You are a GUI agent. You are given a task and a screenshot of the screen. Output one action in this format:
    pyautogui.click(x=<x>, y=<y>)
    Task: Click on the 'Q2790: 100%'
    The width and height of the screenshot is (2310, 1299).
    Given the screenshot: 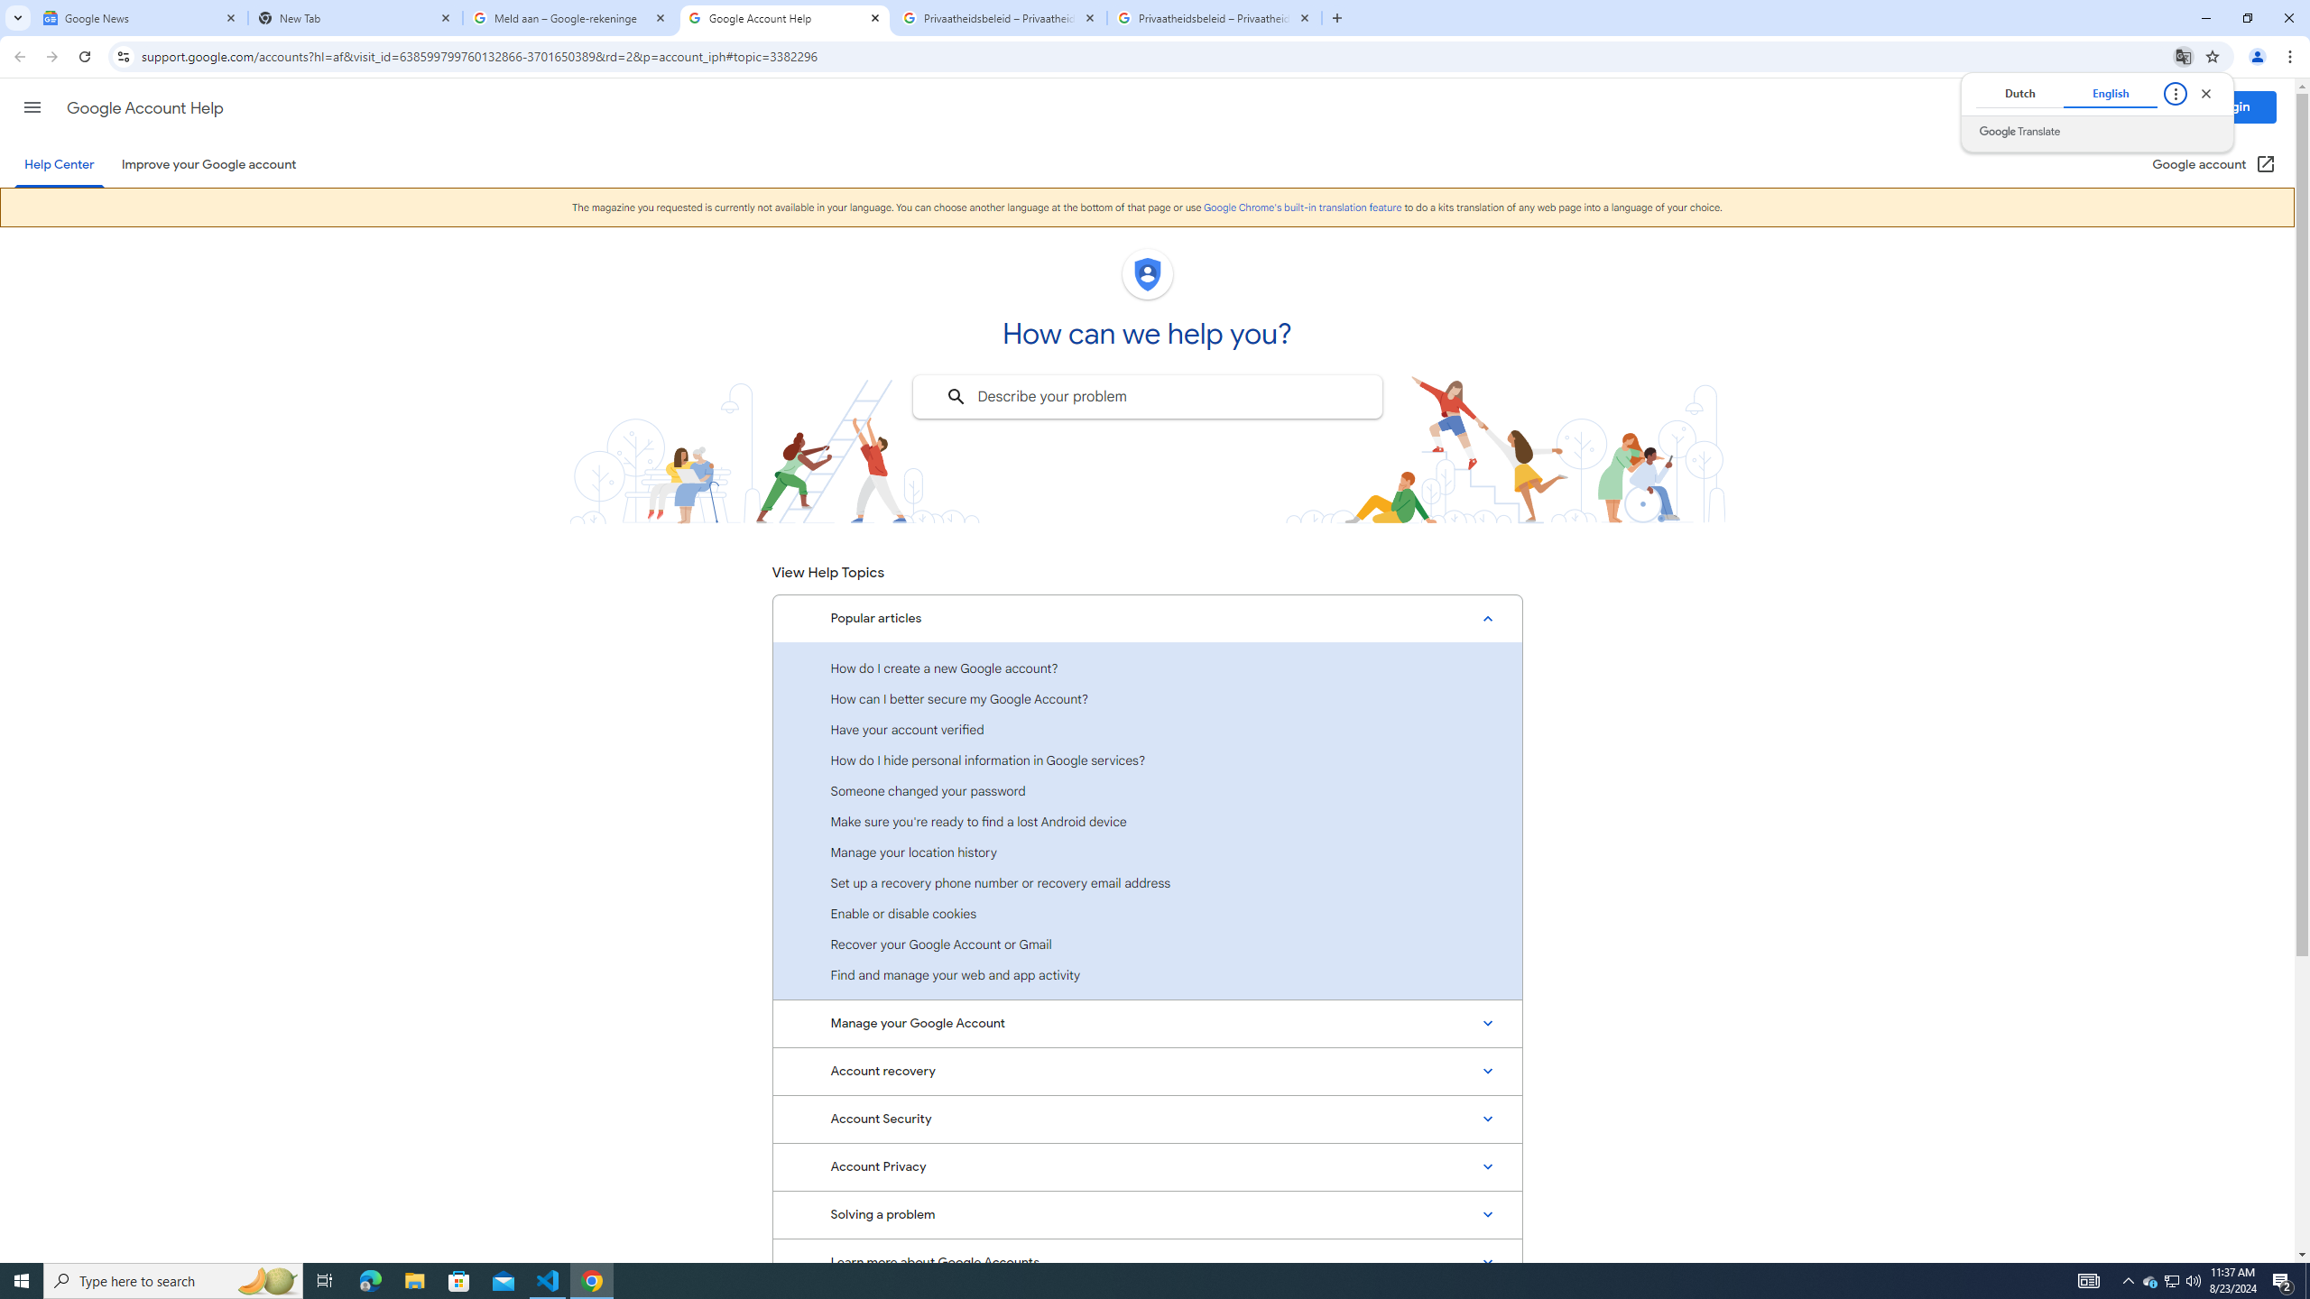 What is the action you would take?
    pyautogui.click(x=2192, y=1279)
    